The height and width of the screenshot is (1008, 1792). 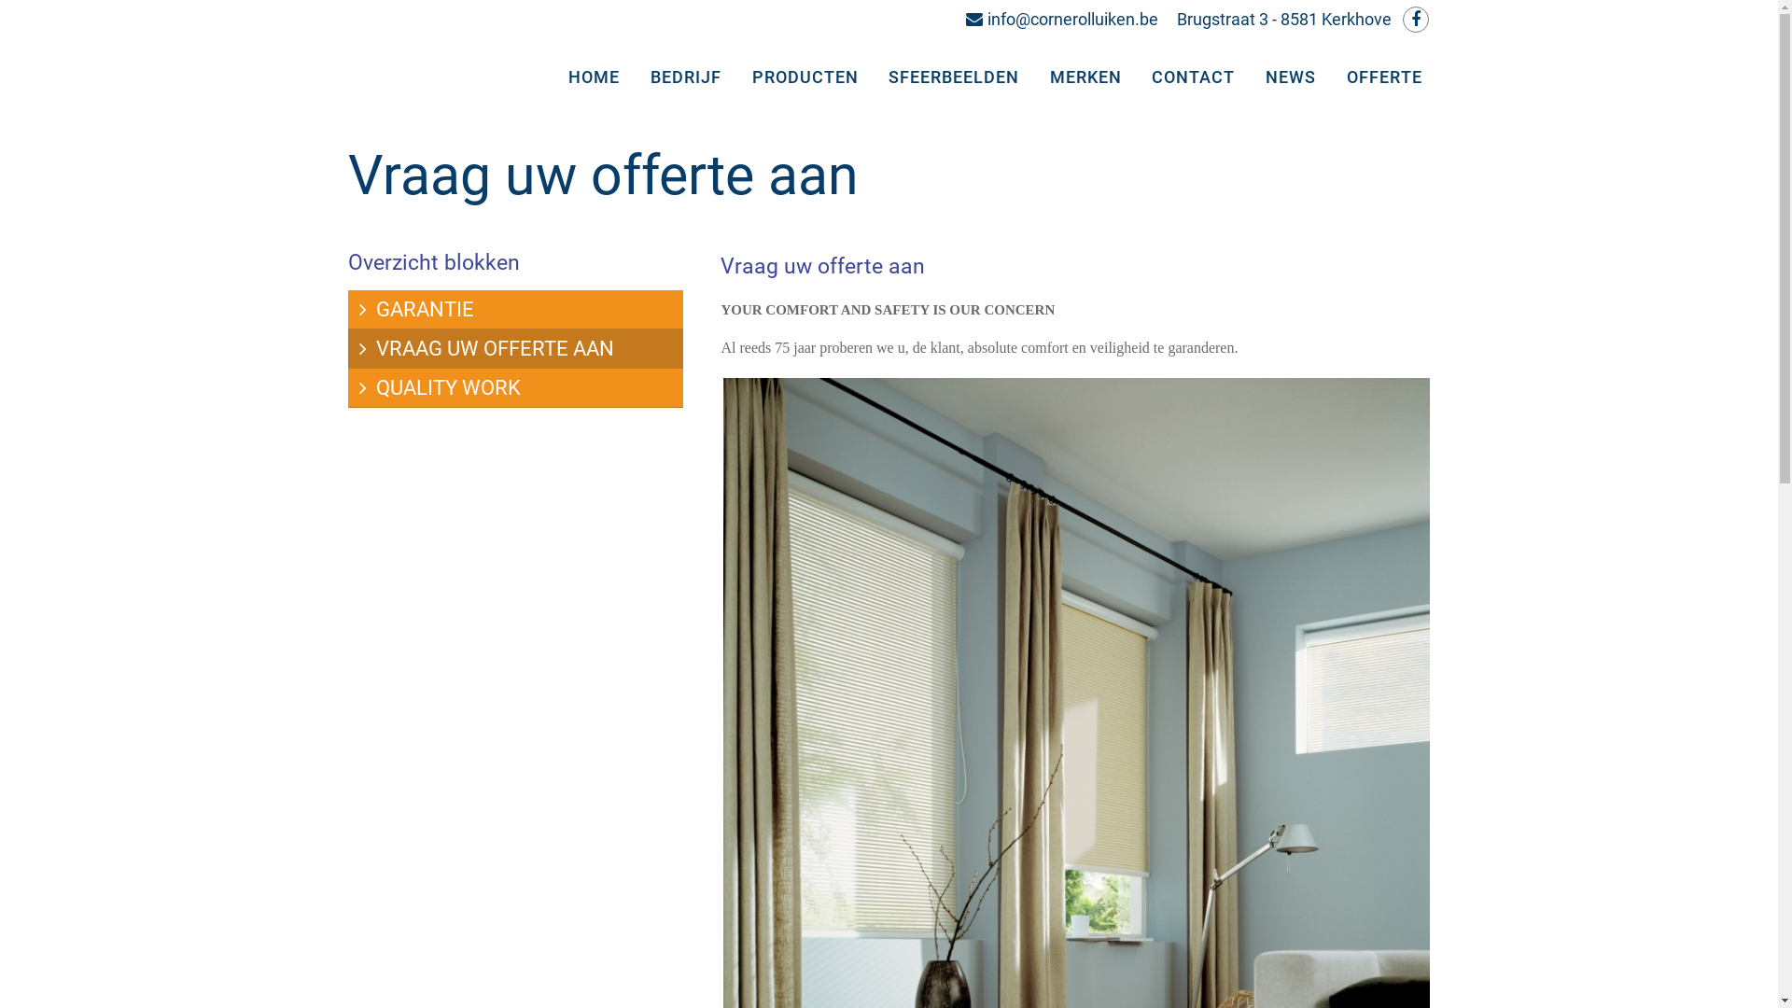 What do you see at coordinates (515, 349) in the screenshot?
I see `'VRAAG UW OFFERTE AAN'` at bounding box center [515, 349].